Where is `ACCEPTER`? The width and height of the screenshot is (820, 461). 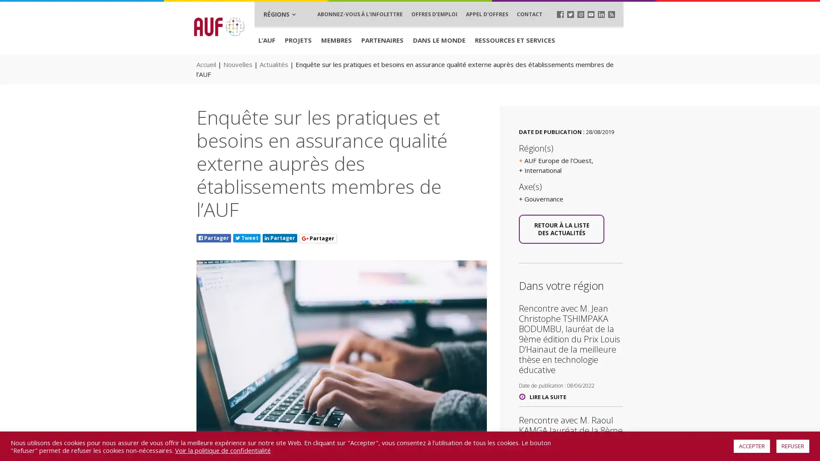 ACCEPTER is located at coordinates (752, 446).